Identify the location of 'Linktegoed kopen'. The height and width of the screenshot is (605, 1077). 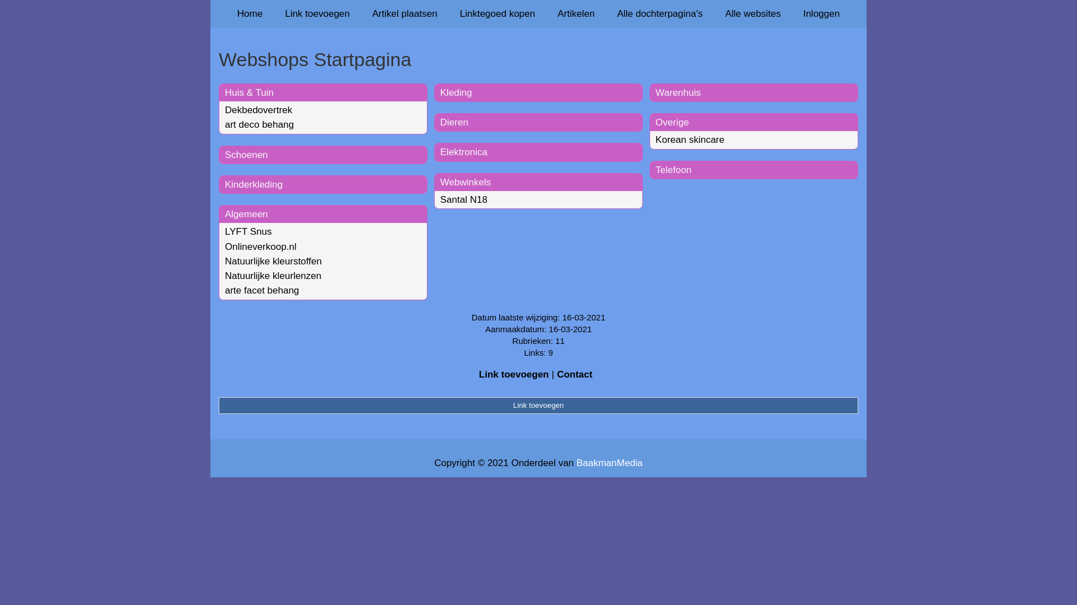
(449, 13).